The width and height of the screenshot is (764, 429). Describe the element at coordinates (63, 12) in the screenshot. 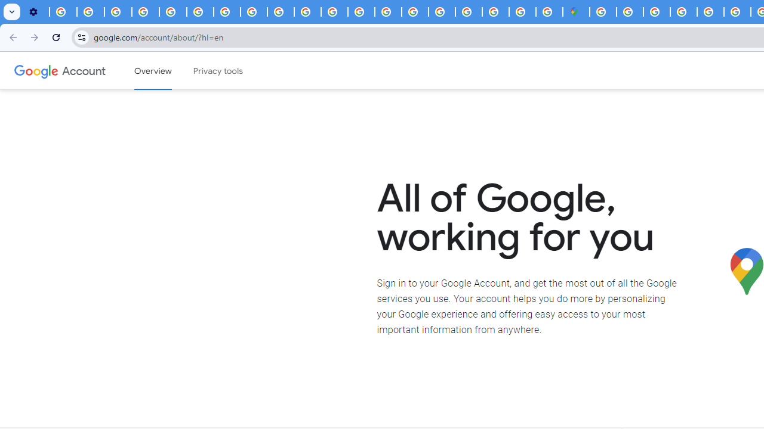

I see `'Delete photos & videos - Computer - Google Photos Help'` at that location.